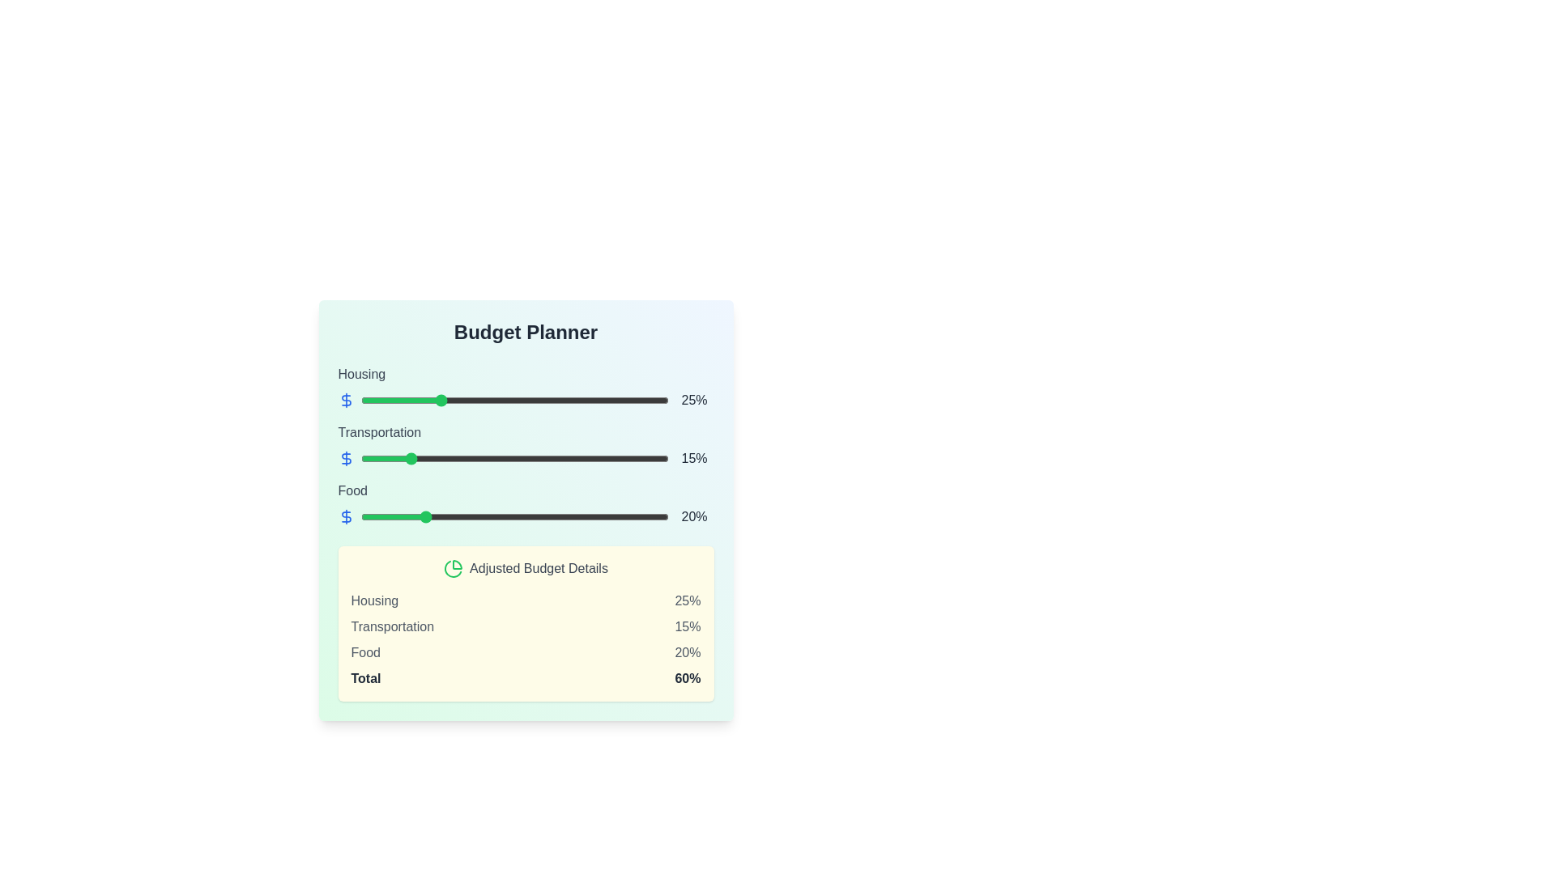 The width and height of the screenshot is (1555, 874). What do you see at coordinates (569, 459) in the screenshot?
I see `transportation budget percentage` at bounding box center [569, 459].